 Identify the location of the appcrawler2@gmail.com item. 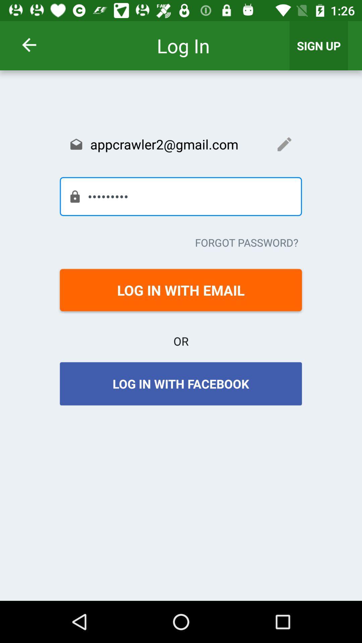
(180, 144).